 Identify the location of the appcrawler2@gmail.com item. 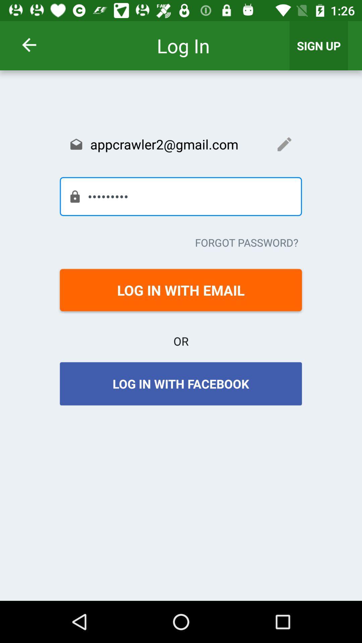
(180, 144).